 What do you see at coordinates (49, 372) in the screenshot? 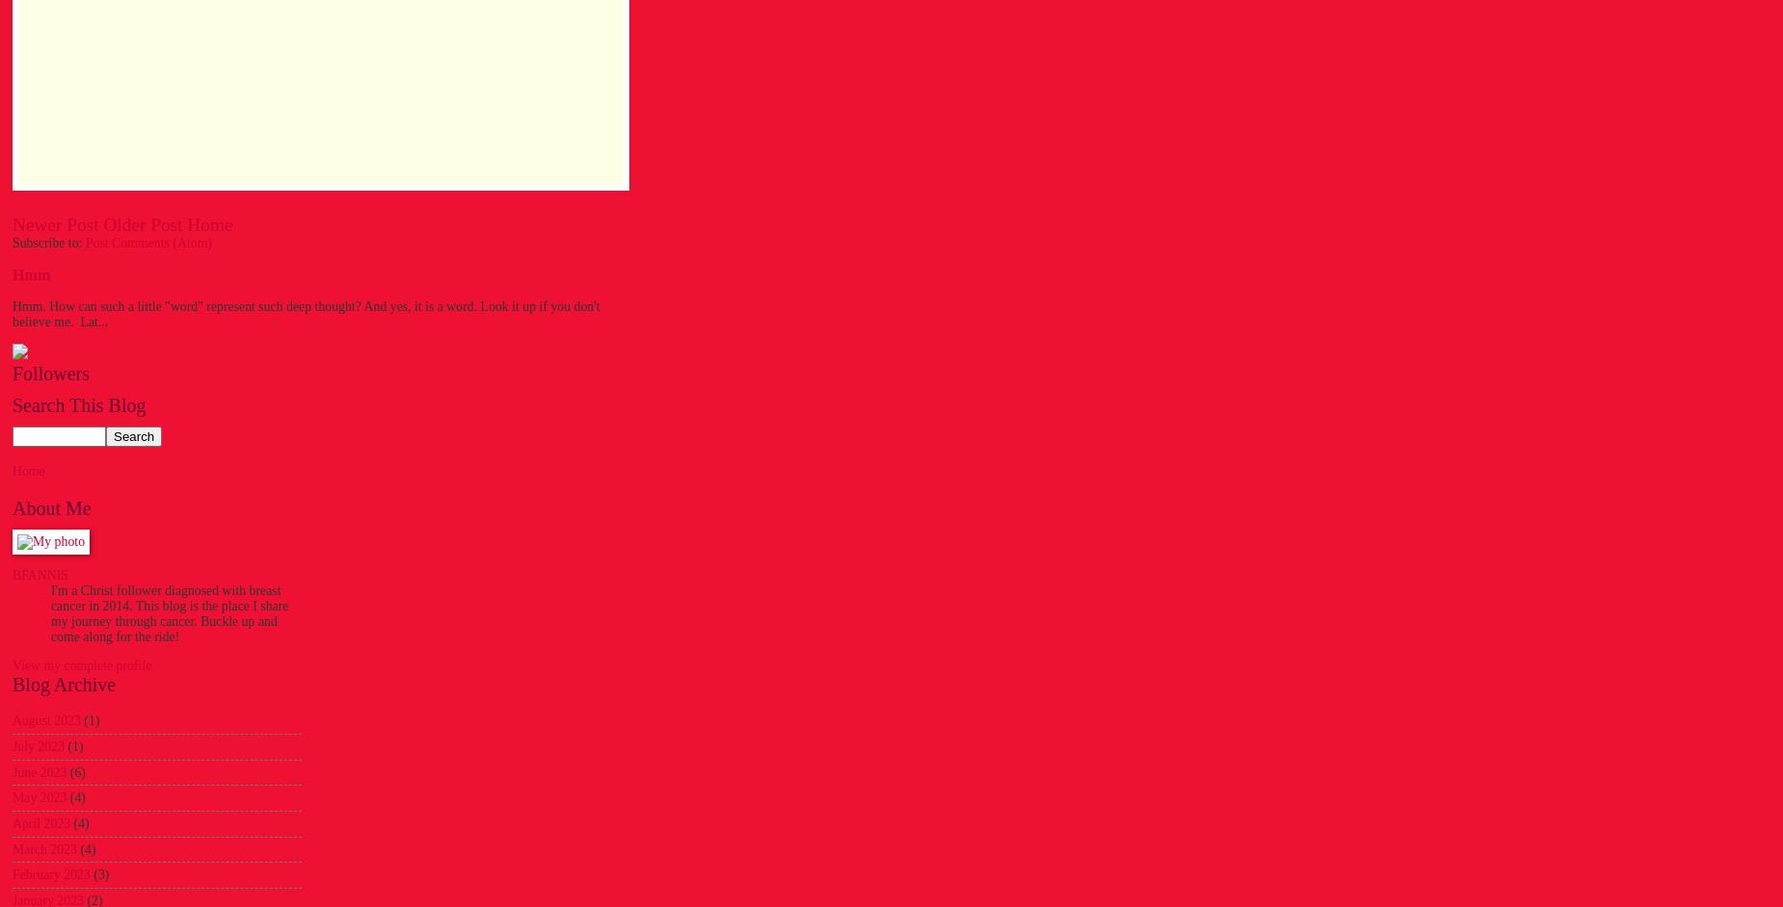
I see `'Followers'` at bounding box center [49, 372].